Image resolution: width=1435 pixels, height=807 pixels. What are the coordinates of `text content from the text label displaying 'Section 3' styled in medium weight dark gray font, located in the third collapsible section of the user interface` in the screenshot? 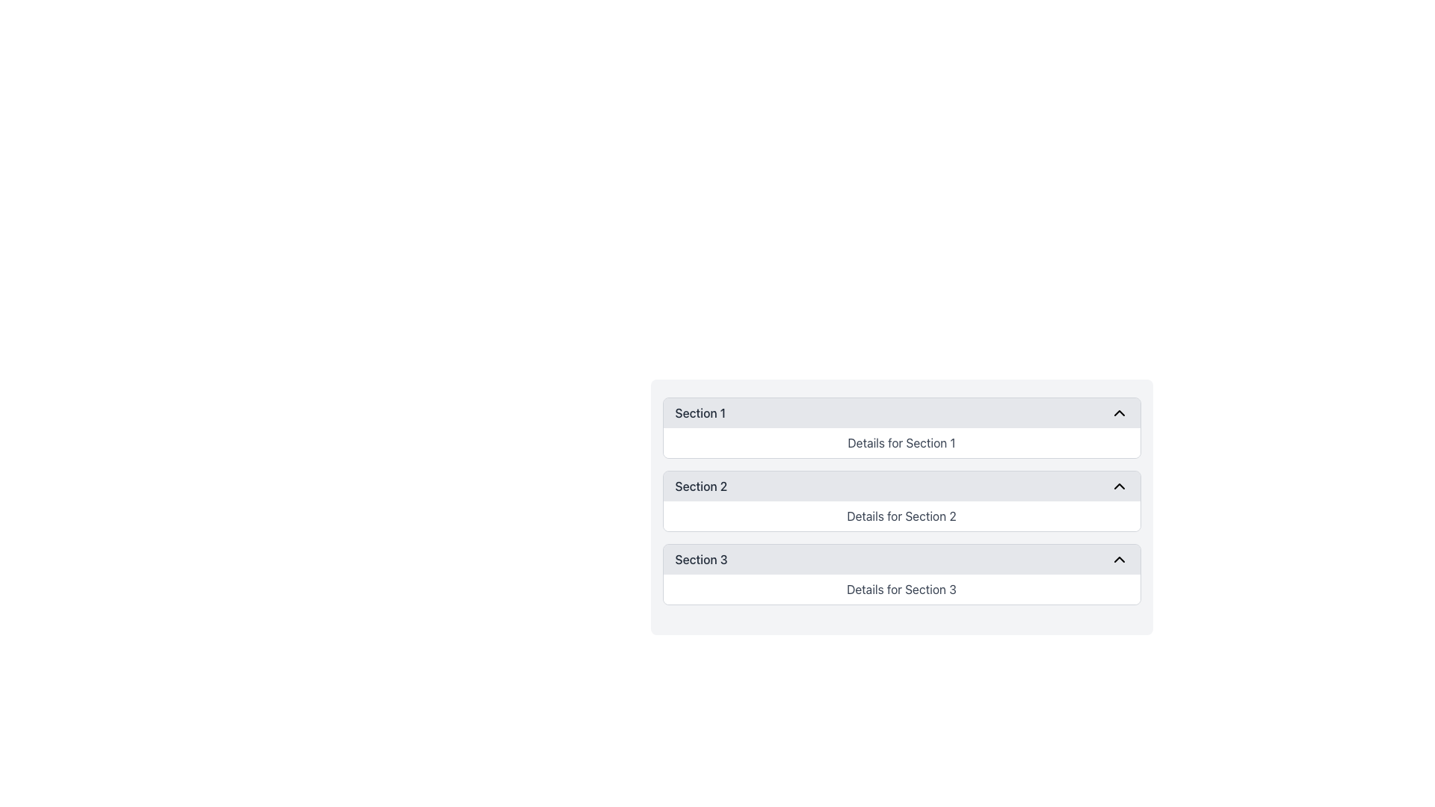 It's located at (700, 559).